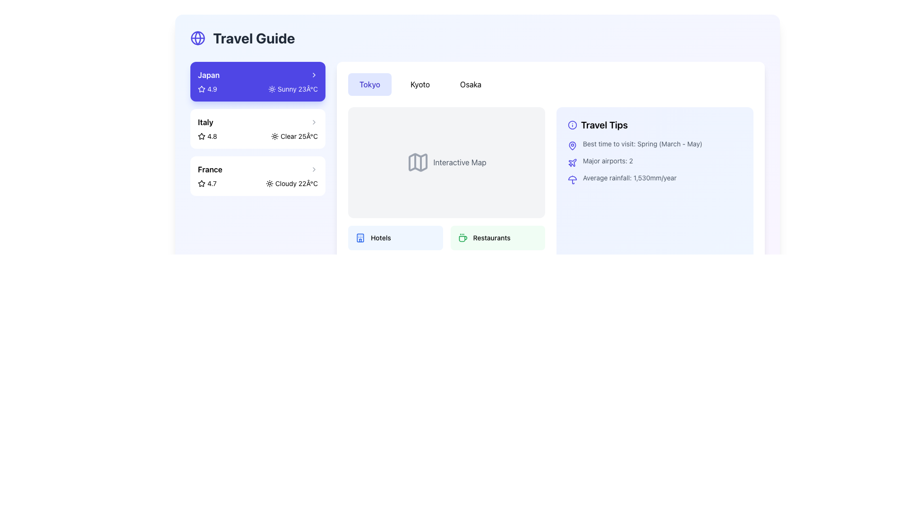  I want to click on the 'Hotels' button in the first column of the grid layout that allows users, so click(395, 237).